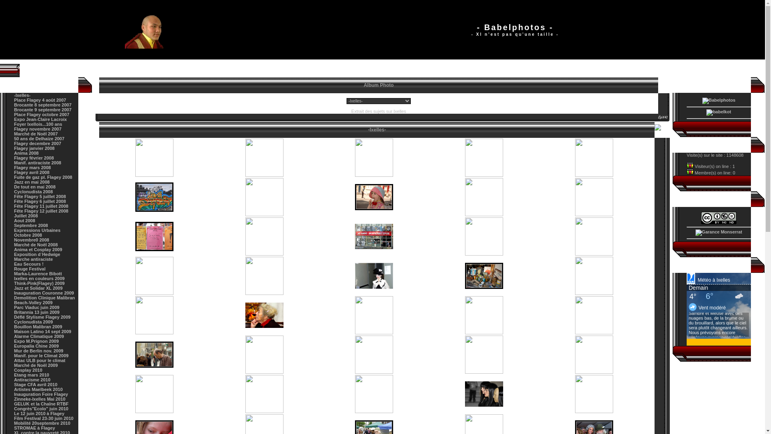 The width and height of the screenshot is (771, 434). I want to click on 'Babelphotos', so click(702, 100).